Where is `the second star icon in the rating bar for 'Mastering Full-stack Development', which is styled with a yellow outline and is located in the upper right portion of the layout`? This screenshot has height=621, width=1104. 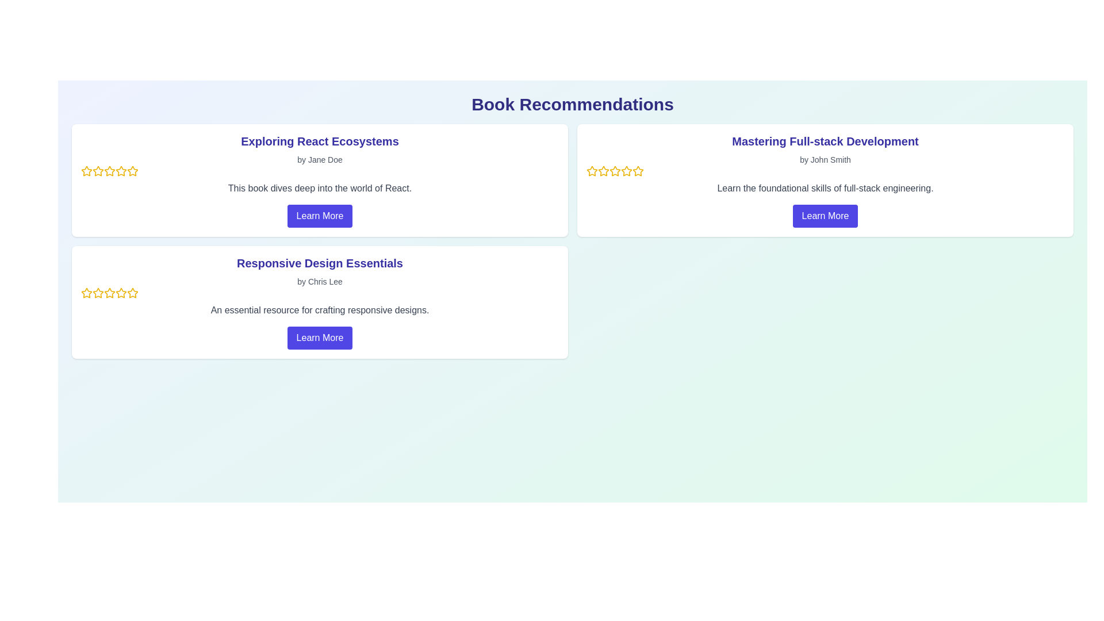 the second star icon in the rating bar for 'Mastering Full-stack Development', which is styled with a yellow outline and is located in the upper right portion of the layout is located at coordinates (603, 171).